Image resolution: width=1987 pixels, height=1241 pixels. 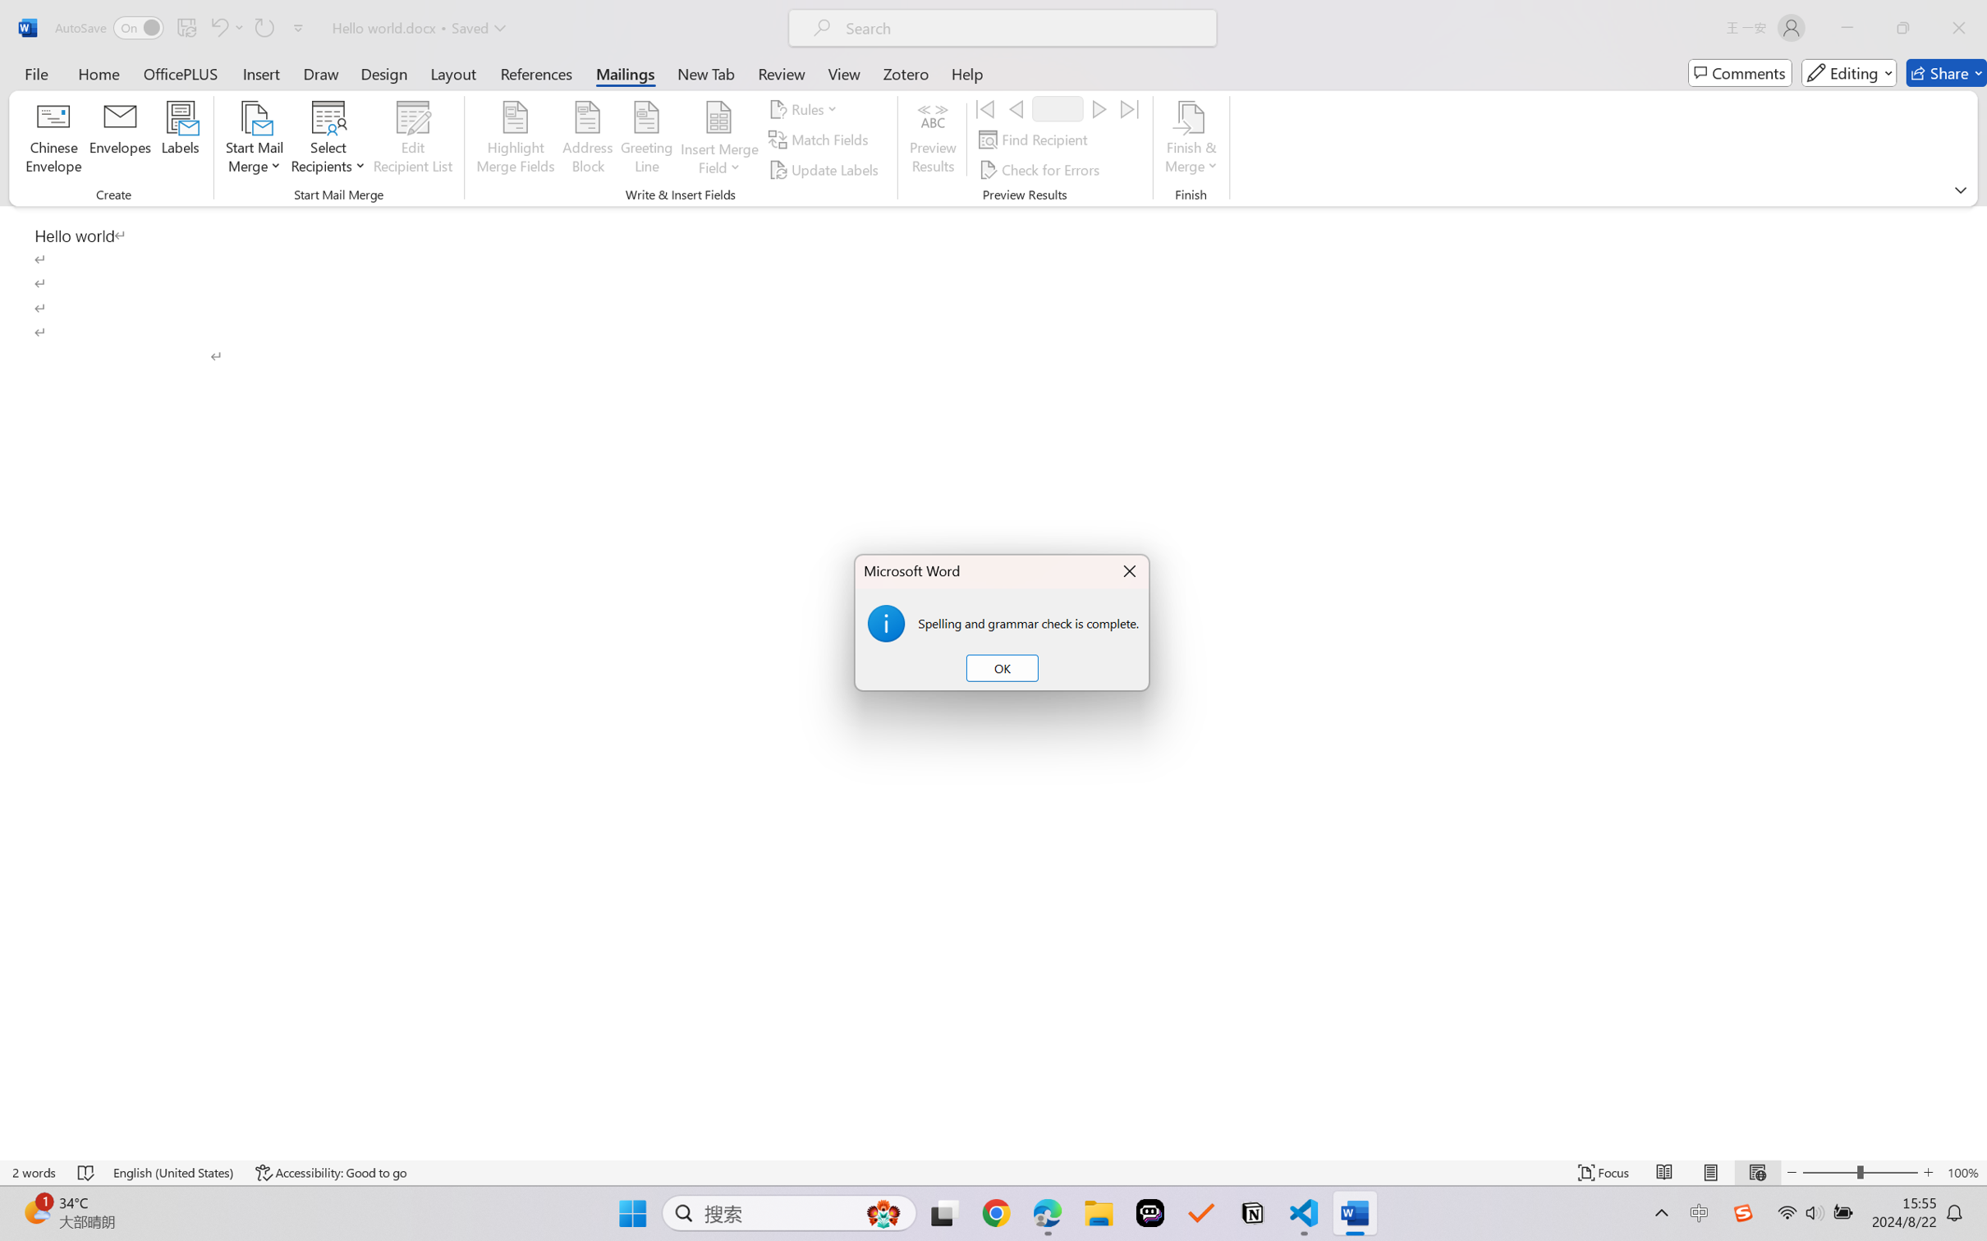 What do you see at coordinates (824, 170) in the screenshot?
I see `'Update Labels'` at bounding box center [824, 170].